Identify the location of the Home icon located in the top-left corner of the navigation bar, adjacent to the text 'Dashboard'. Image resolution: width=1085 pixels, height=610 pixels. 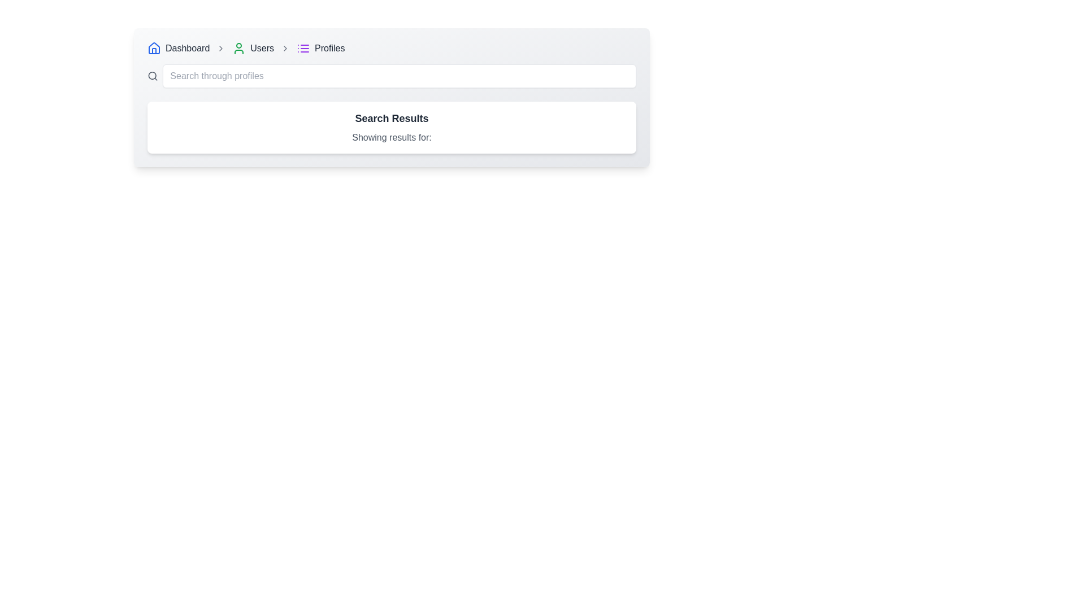
(154, 51).